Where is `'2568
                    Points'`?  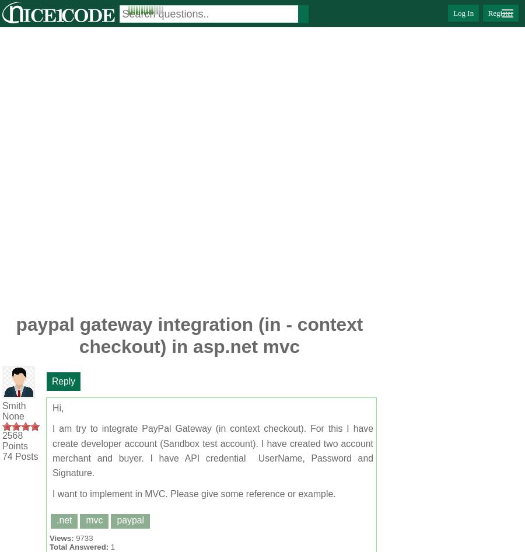
'2568
                    Points' is located at coordinates (15, 440).